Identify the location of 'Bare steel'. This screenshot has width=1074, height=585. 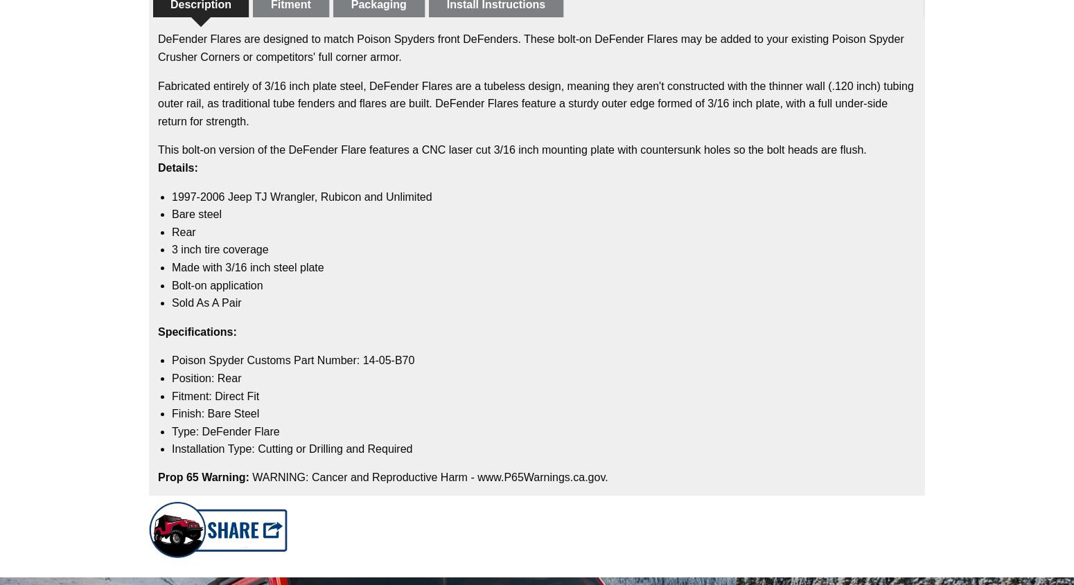
(172, 214).